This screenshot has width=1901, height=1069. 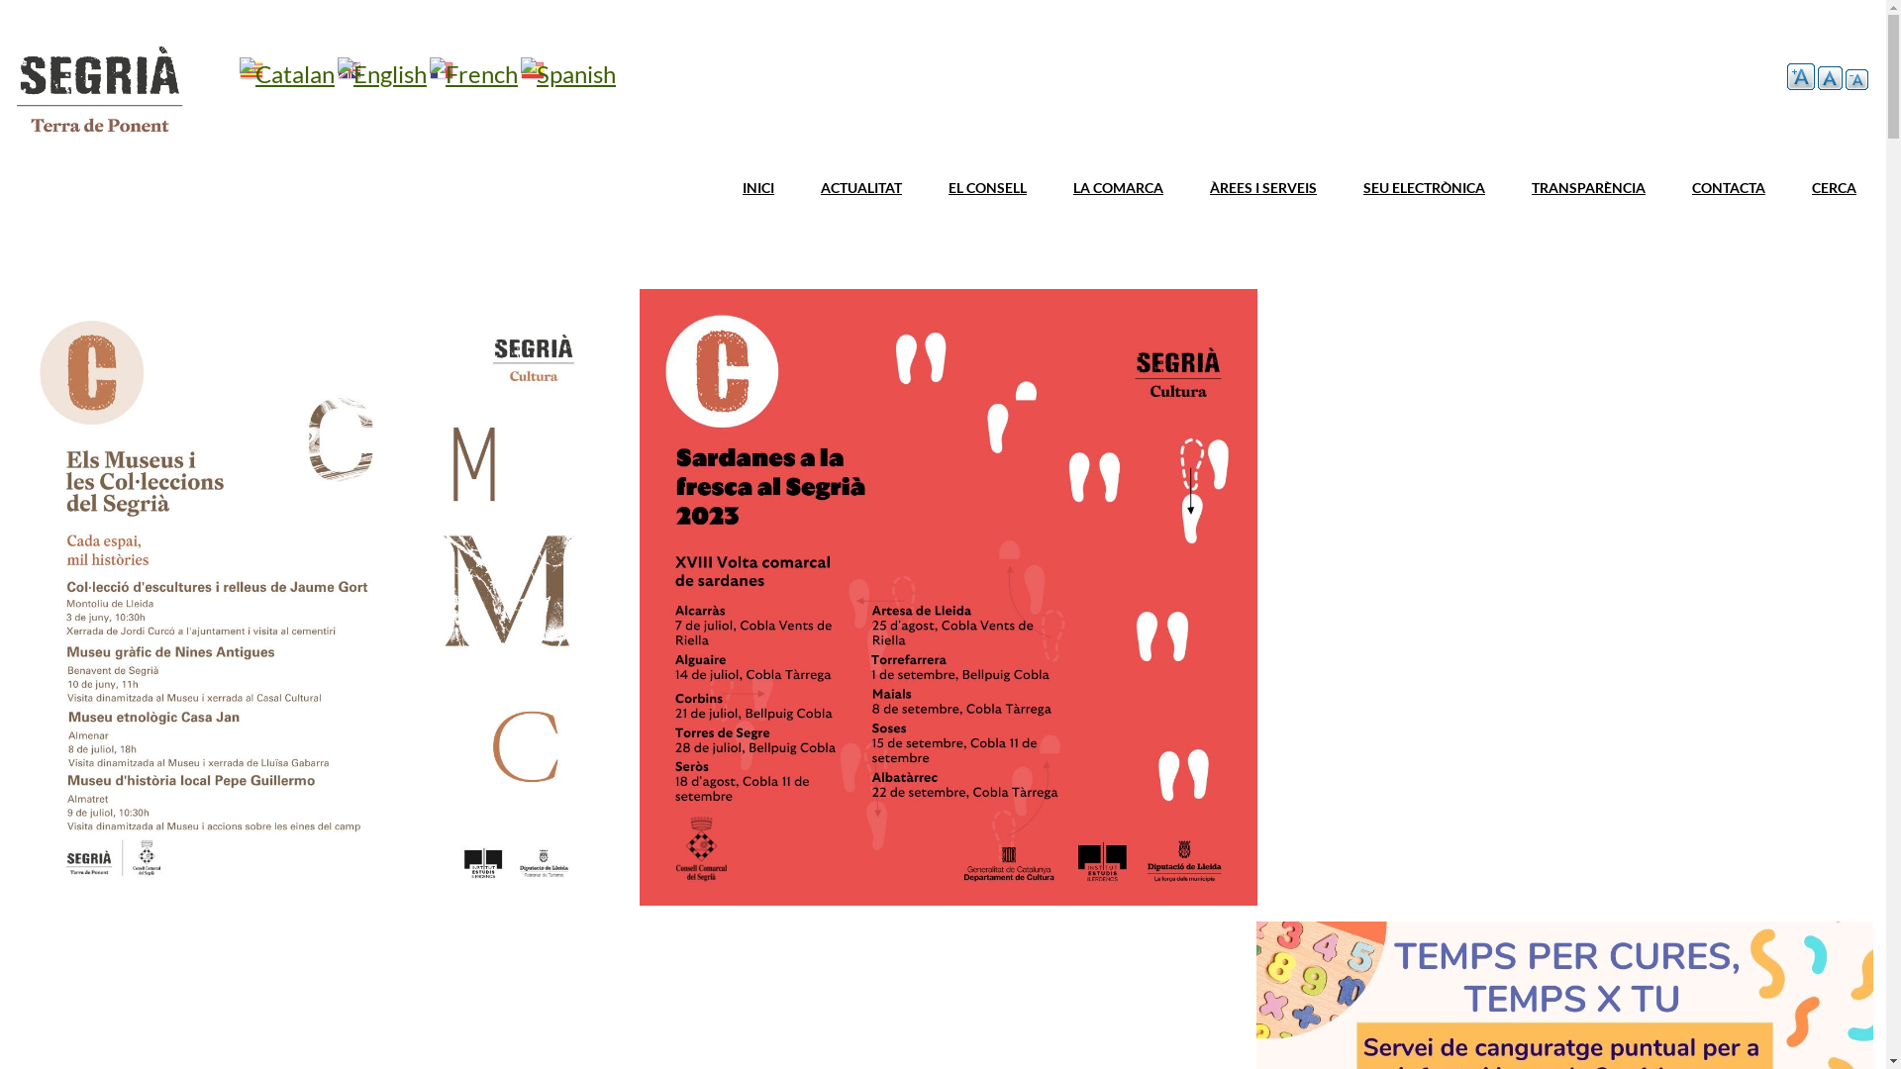 I want to click on 'LA COMARCA', so click(x=1054, y=188).